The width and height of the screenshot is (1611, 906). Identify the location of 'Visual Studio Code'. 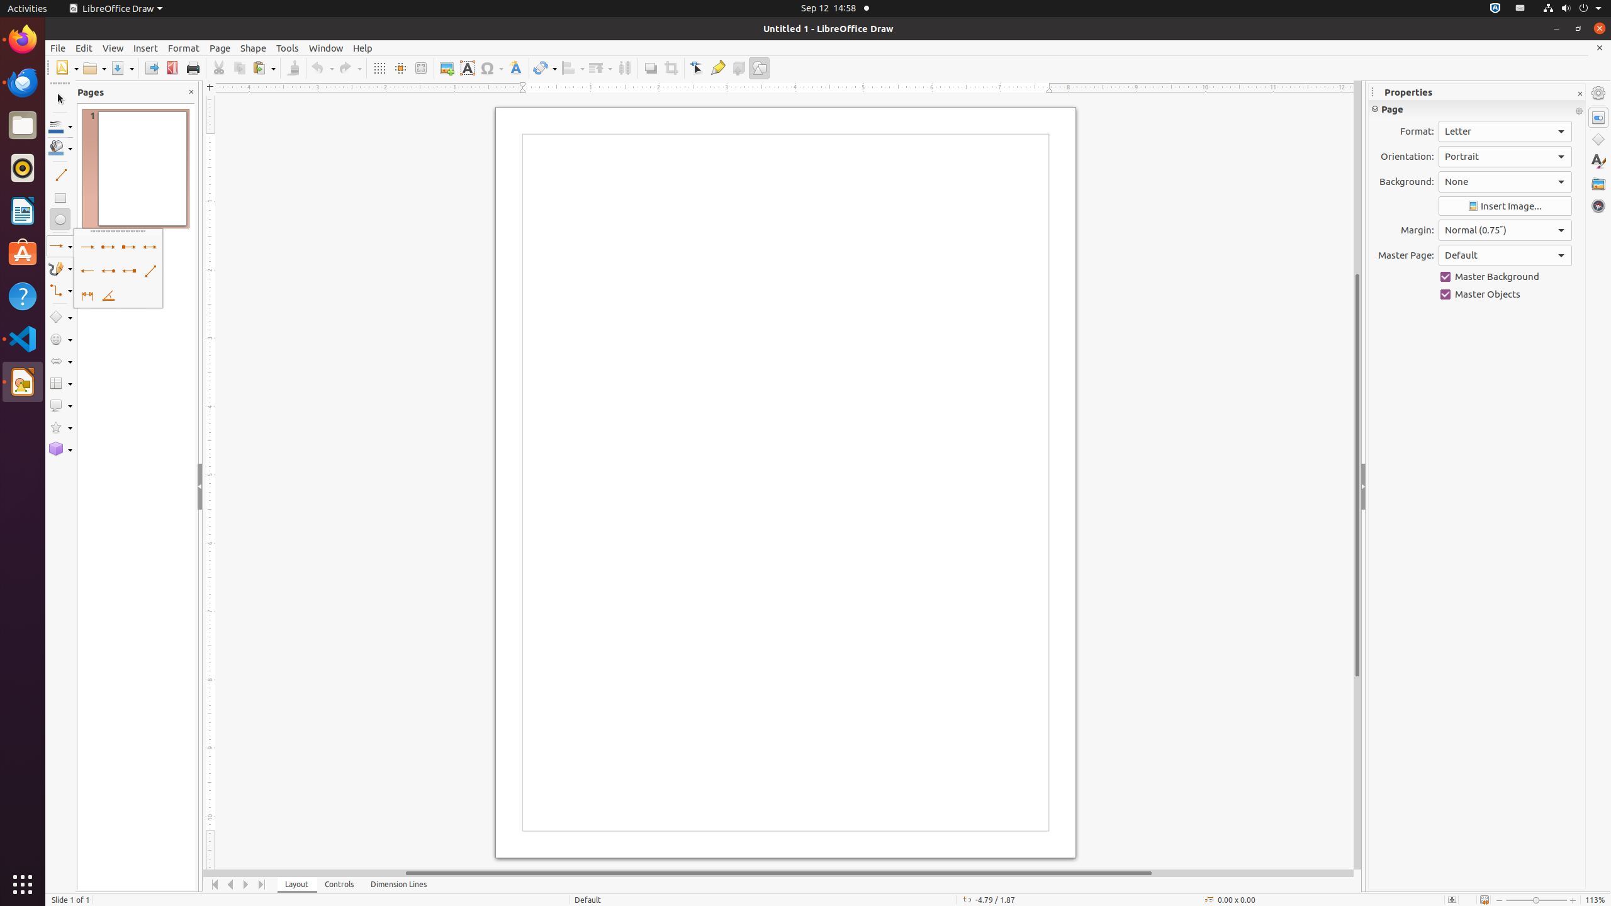
(23, 338).